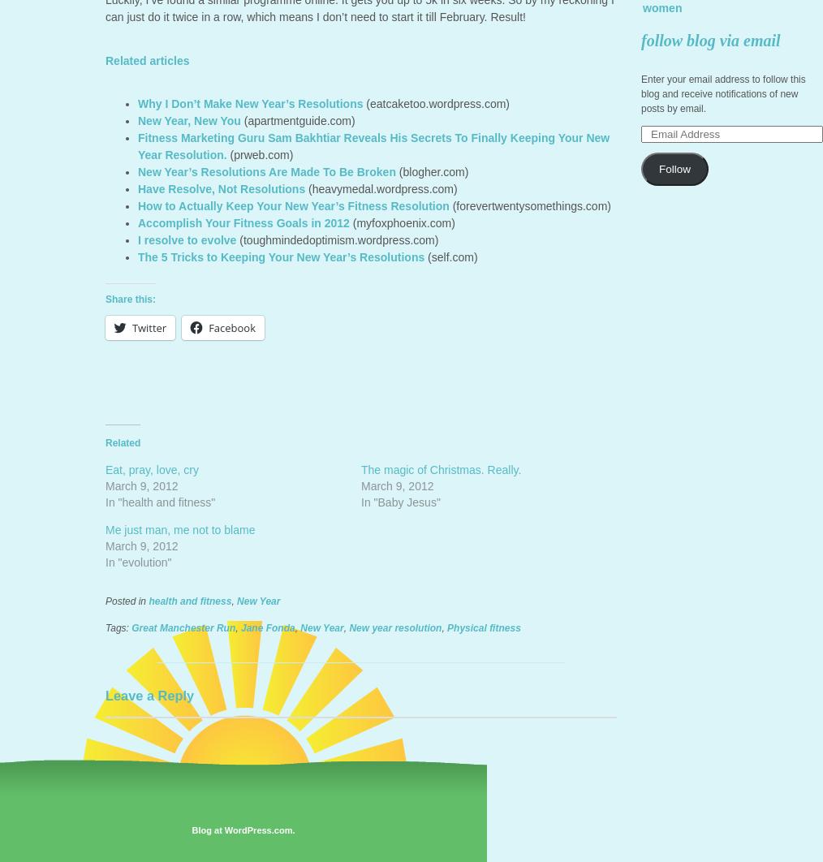 This screenshot has width=823, height=862. Describe the element at coordinates (529, 206) in the screenshot. I see `'(forevertwentysomethings.com)'` at that location.